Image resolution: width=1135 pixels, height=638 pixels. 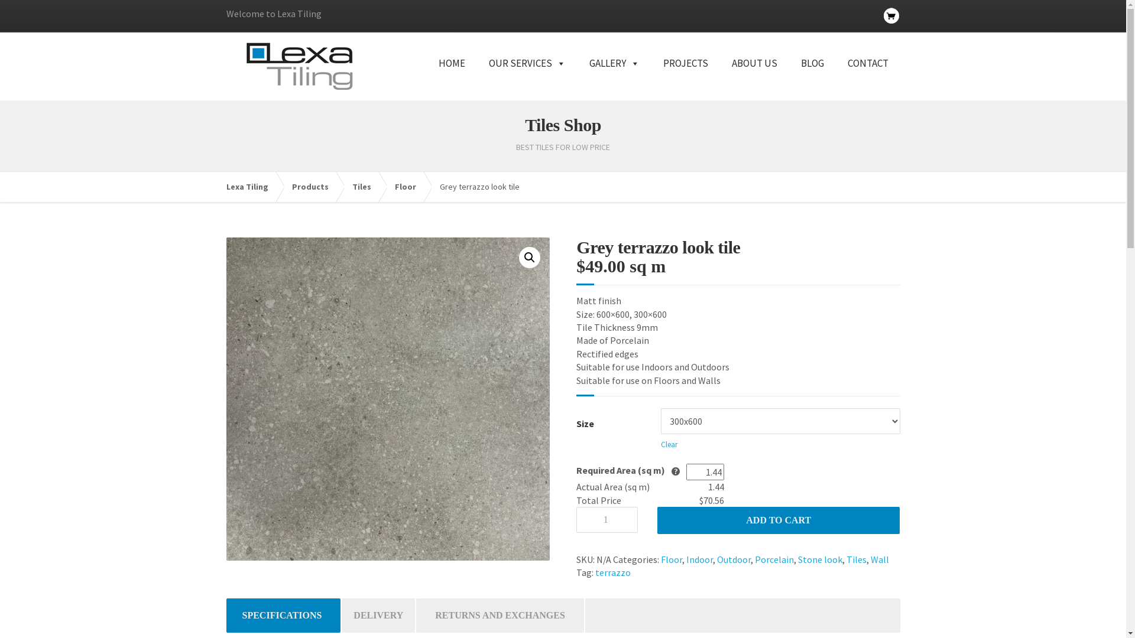 What do you see at coordinates (451, 77) in the screenshot?
I see `'HOME'` at bounding box center [451, 77].